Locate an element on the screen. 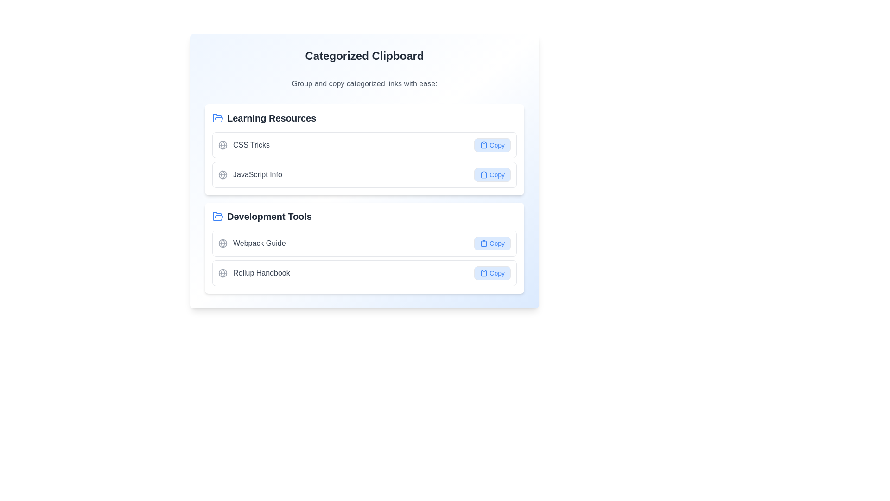 This screenshot has height=501, width=890. the interactive button located to the far right of the 'JavaScript Info' text in the 'Learning Resources' section to copy the associated text to the clipboard is located at coordinates (492, 175).